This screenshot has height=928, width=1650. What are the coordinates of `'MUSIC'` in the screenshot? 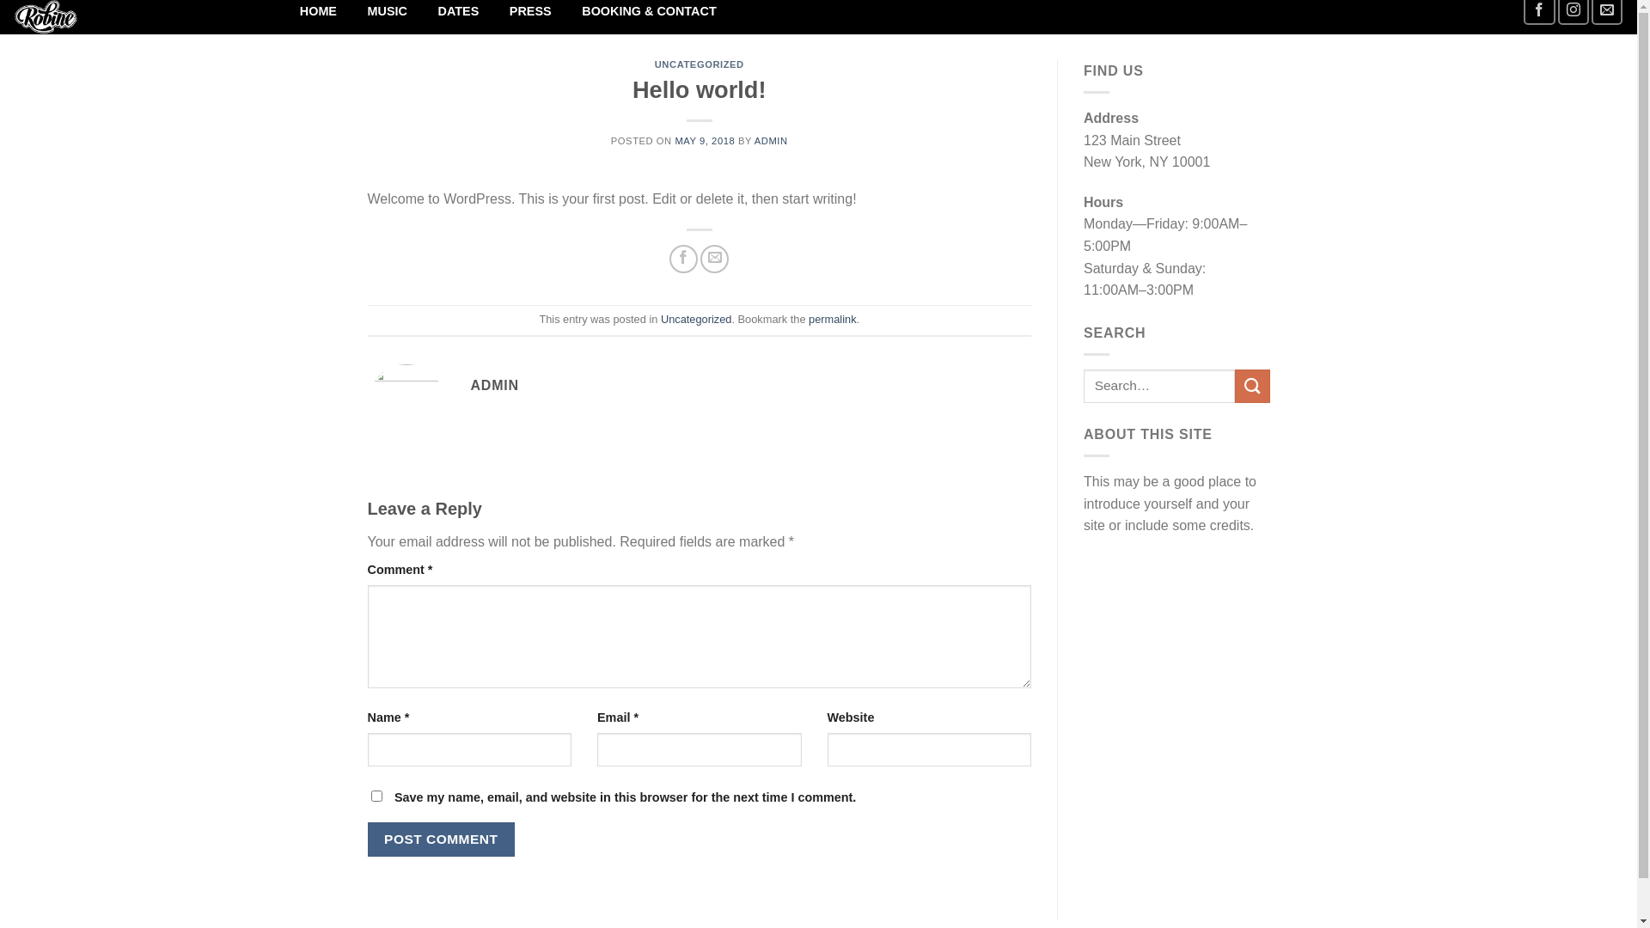 It's located at (355, 11).